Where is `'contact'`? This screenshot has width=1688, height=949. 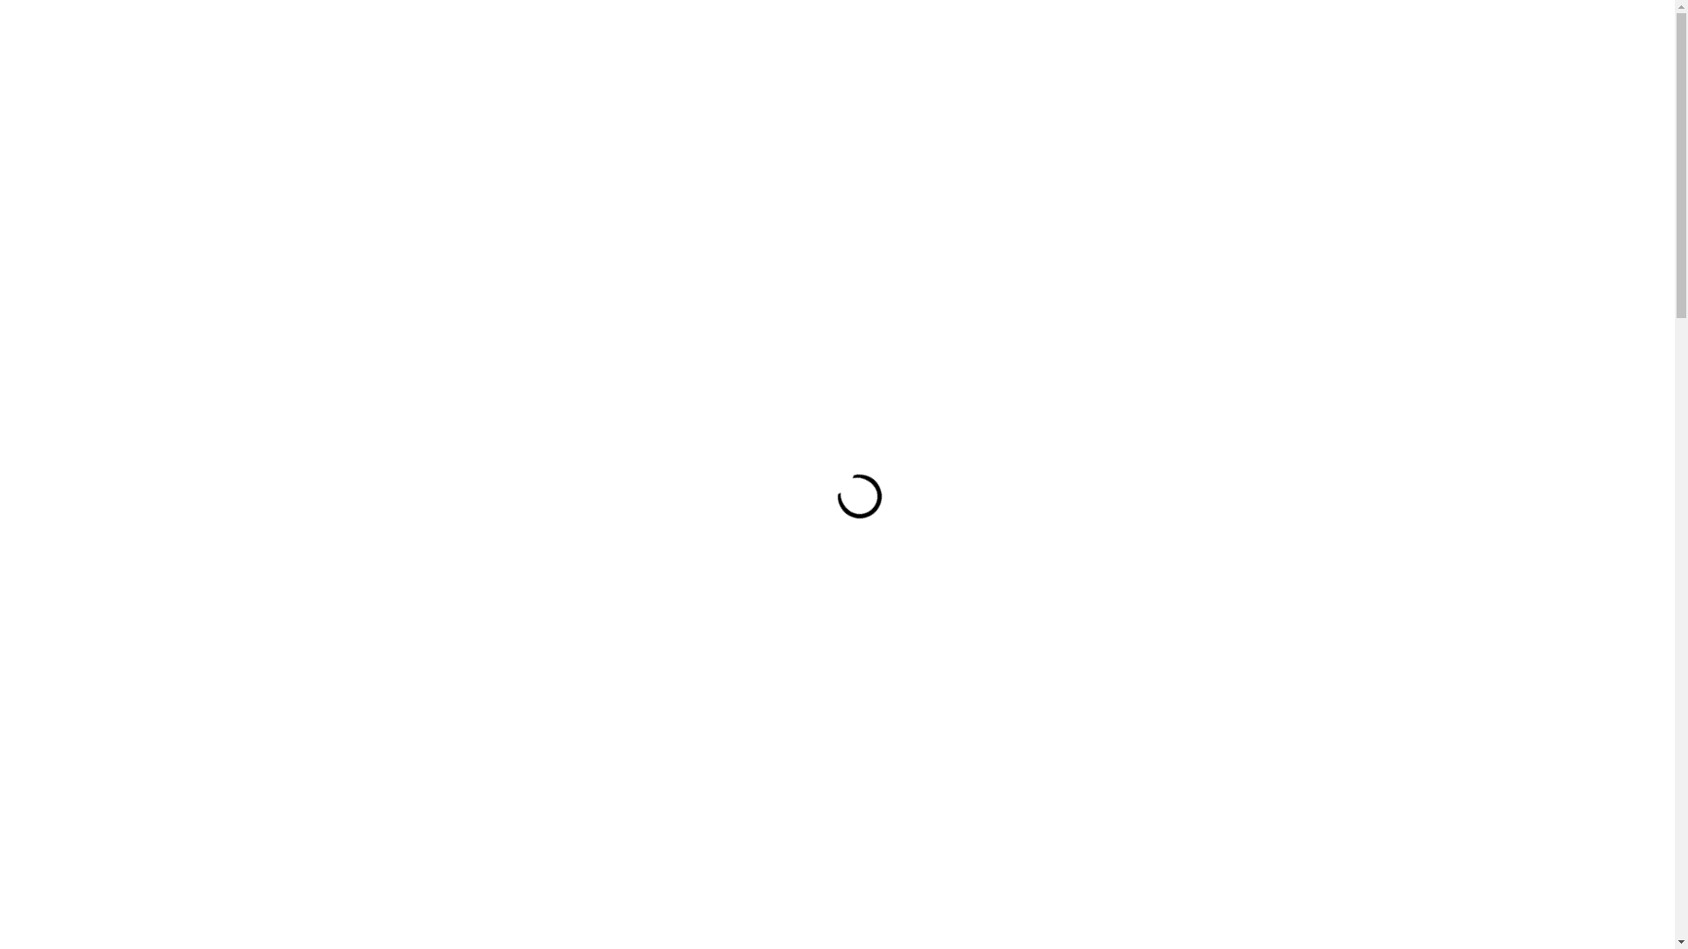
'contact' is located at coordinates (704, 61).